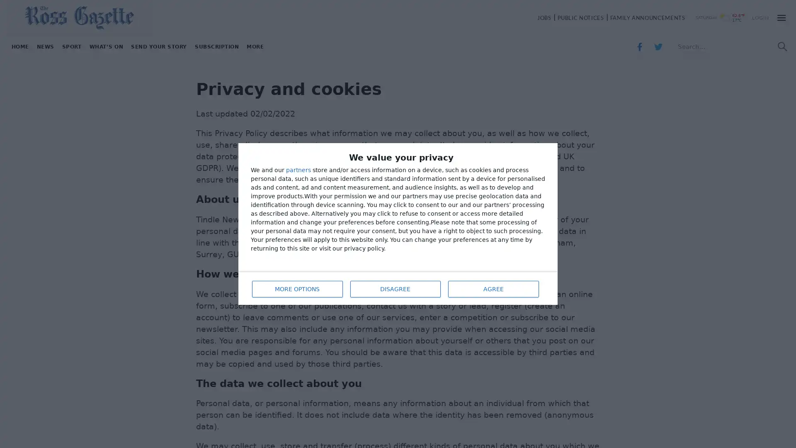 The width and height of the screenshot is (796, 448). Describe the element at coordinates (493, 287) in the screenshot. I see `AGREE` at that location.